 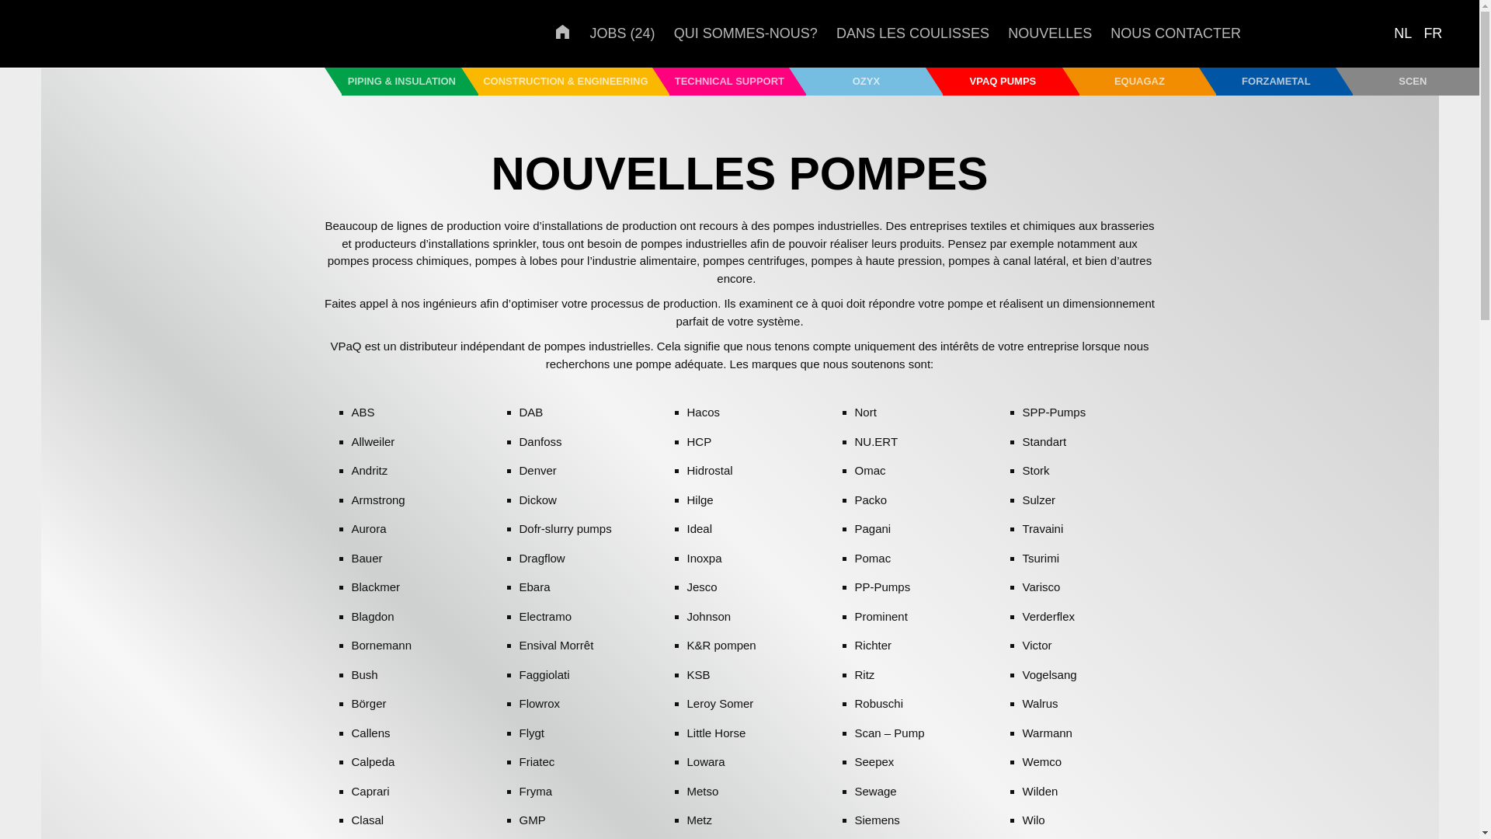 What do you see at coordinates (1007, 33) in the screenshot?
I see `'NOUVELLES'` at bounding box center [1007, 33].